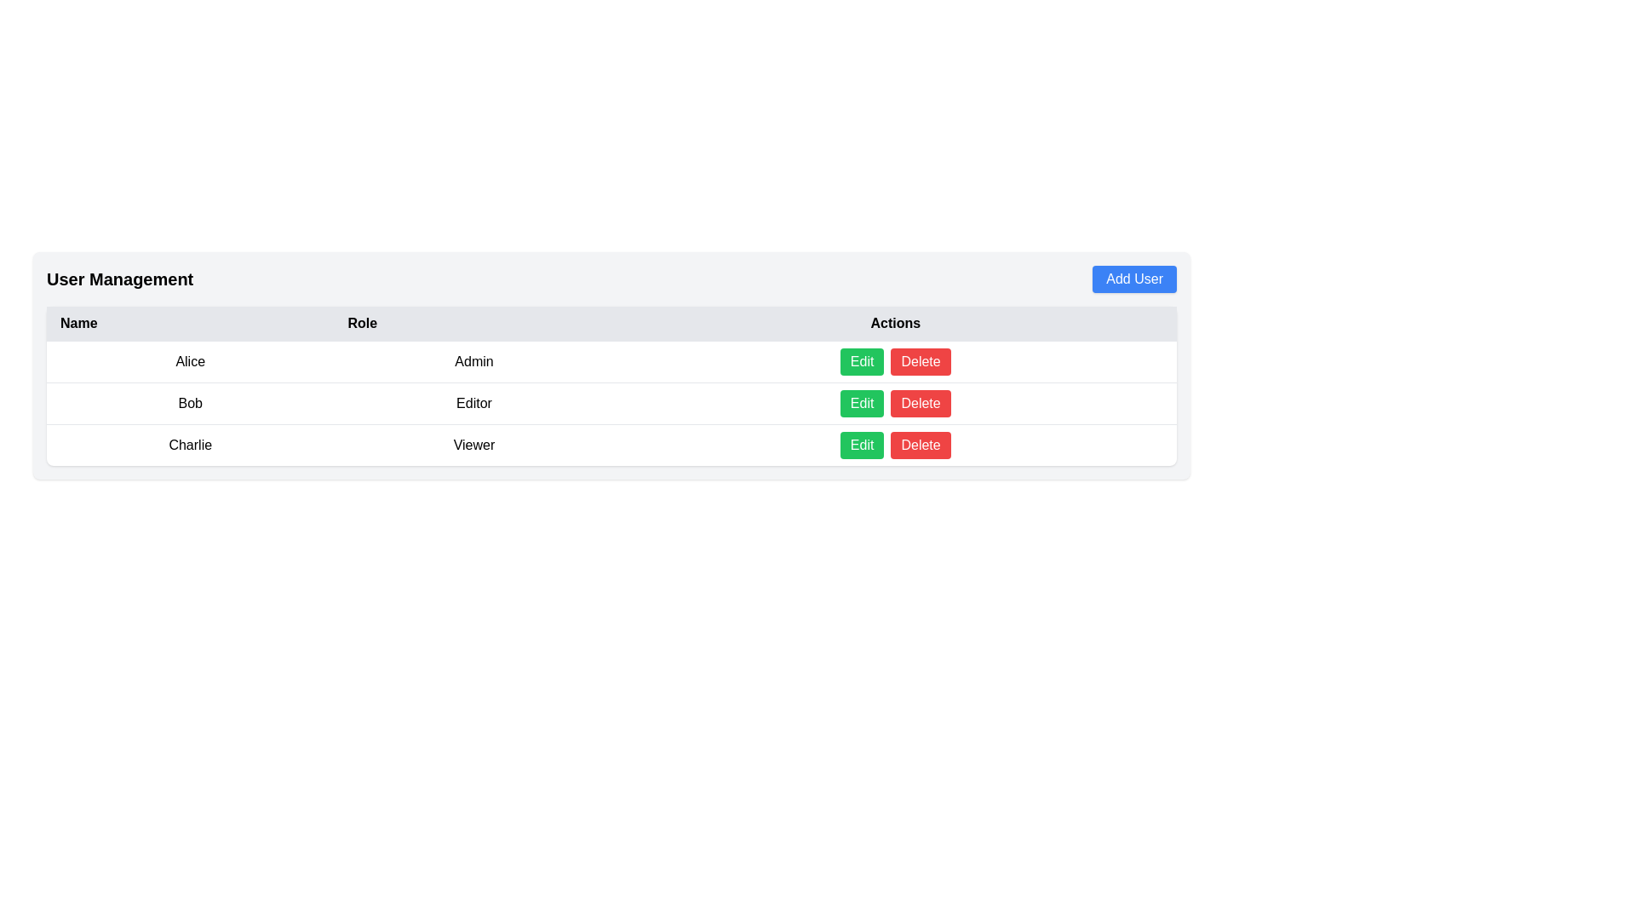  Describe the element at coordinates (473, 444) in the screenshot. I see `the static text element displaying 'Viewer', which is centered under the 'Role' column header in the row labeled 'Charlie'` at that location.